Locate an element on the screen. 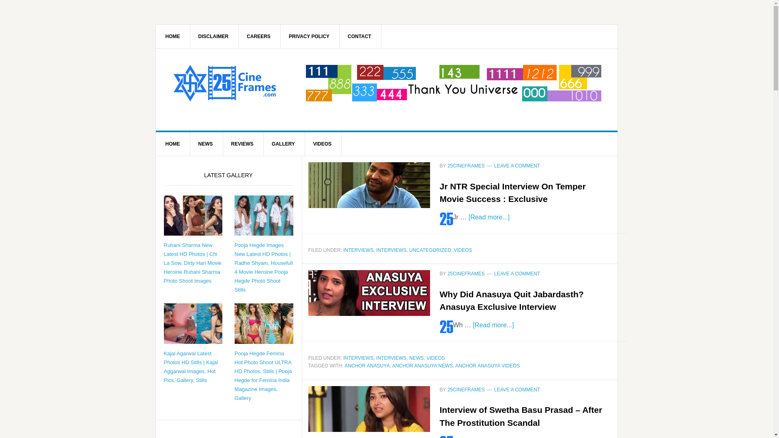 The height and width of the screenshot is (438, 779). 'NEWS' is located at coordinates (188, 143).